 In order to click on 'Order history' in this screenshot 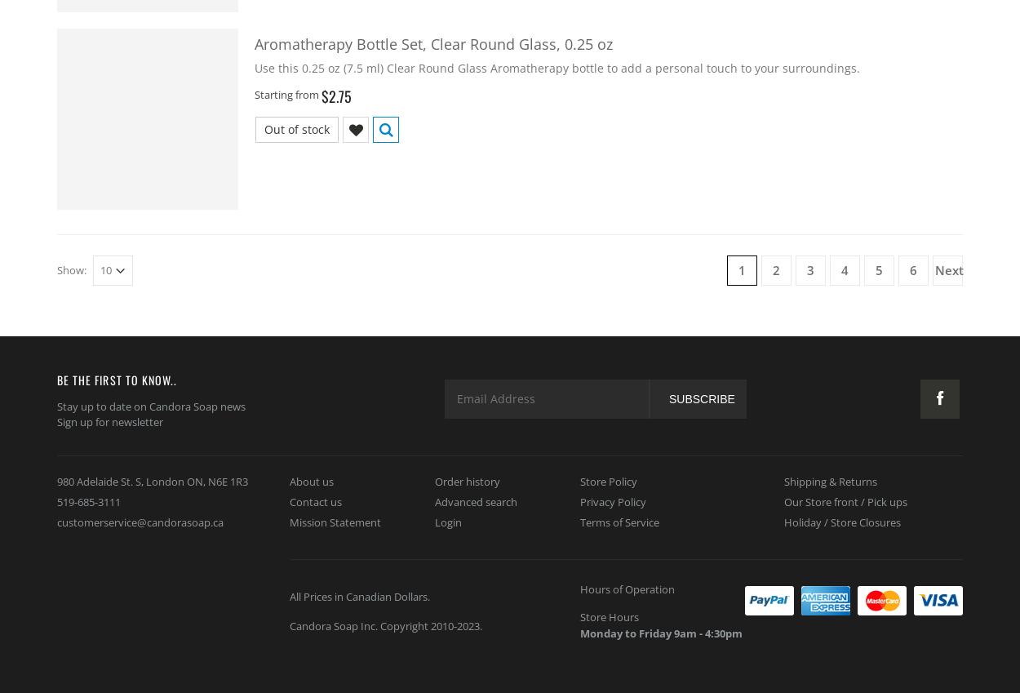, I will do `click(467, 480)`.